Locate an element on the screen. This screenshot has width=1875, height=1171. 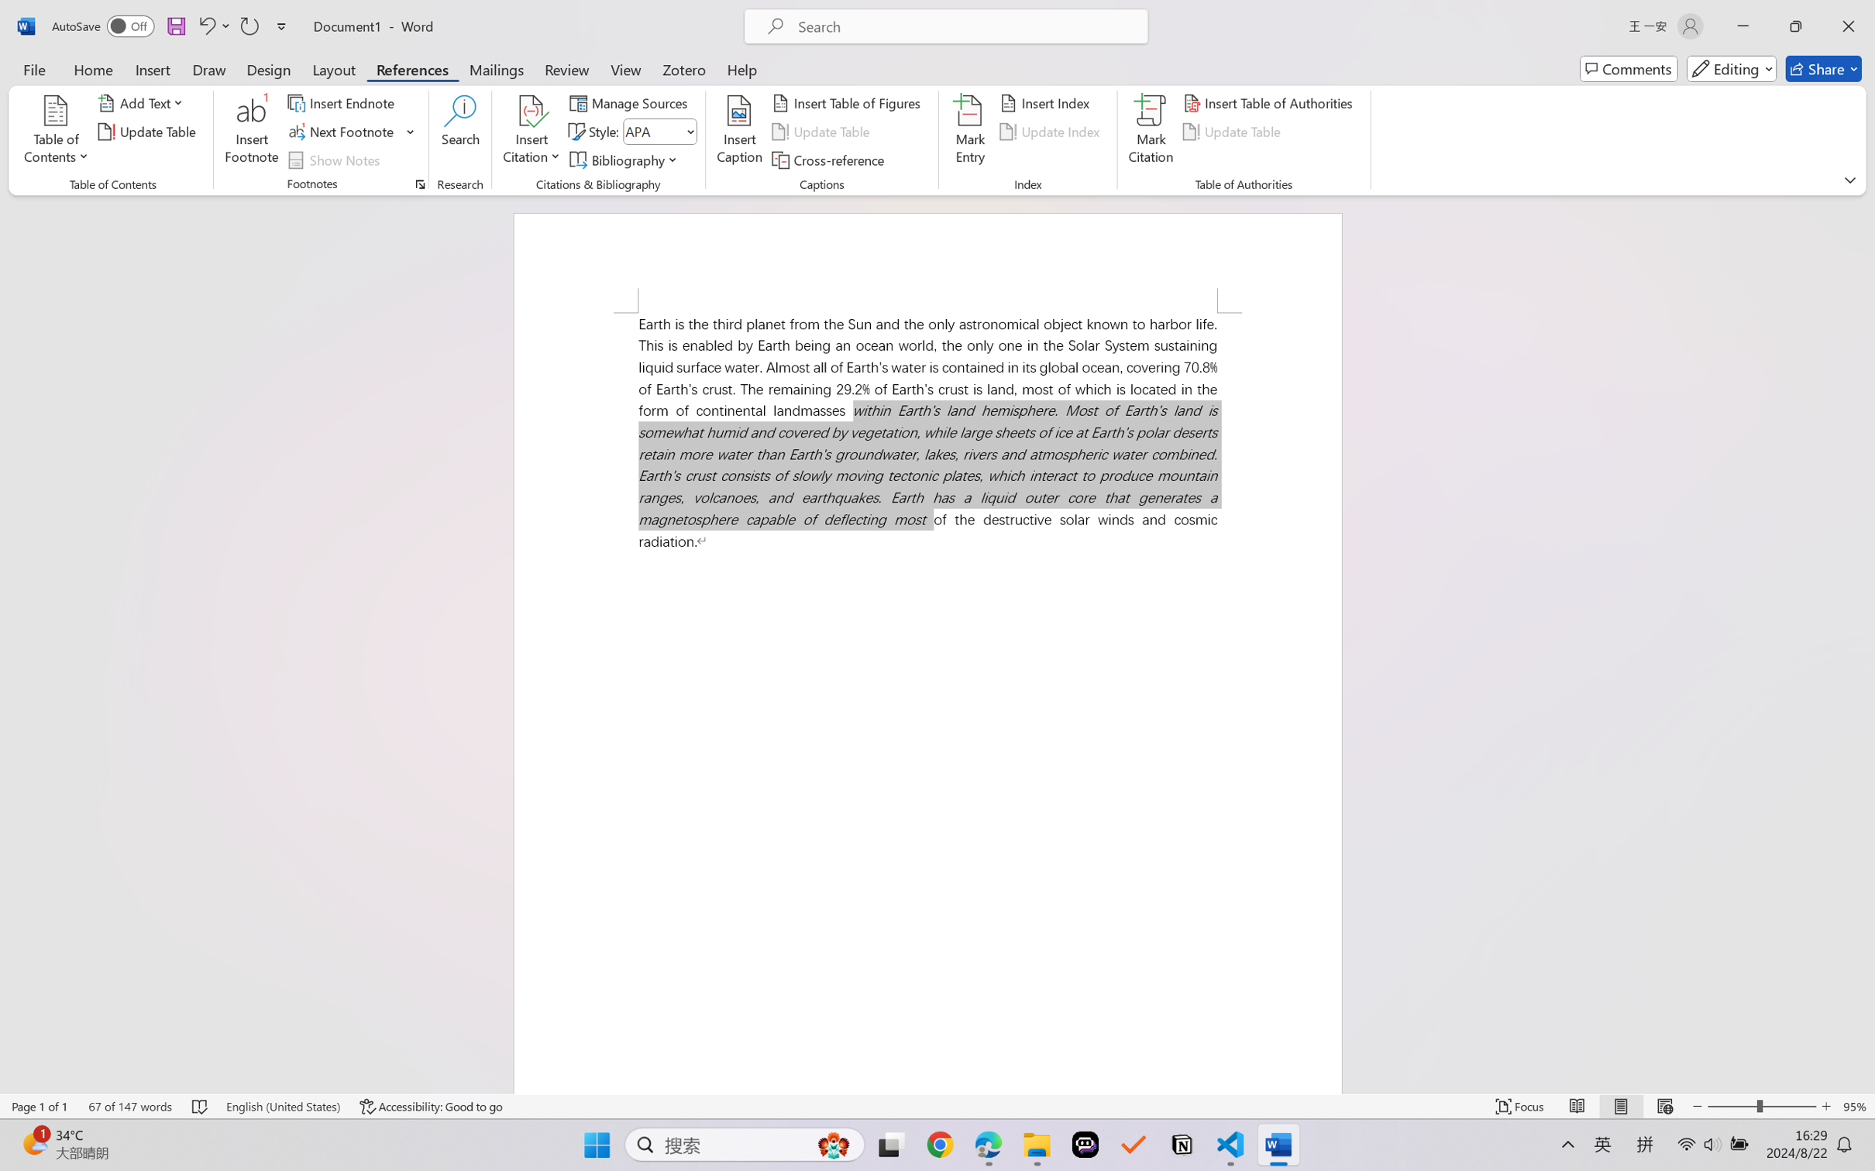
'Insert Table of Figures...' is located at coordinates (848, 101).